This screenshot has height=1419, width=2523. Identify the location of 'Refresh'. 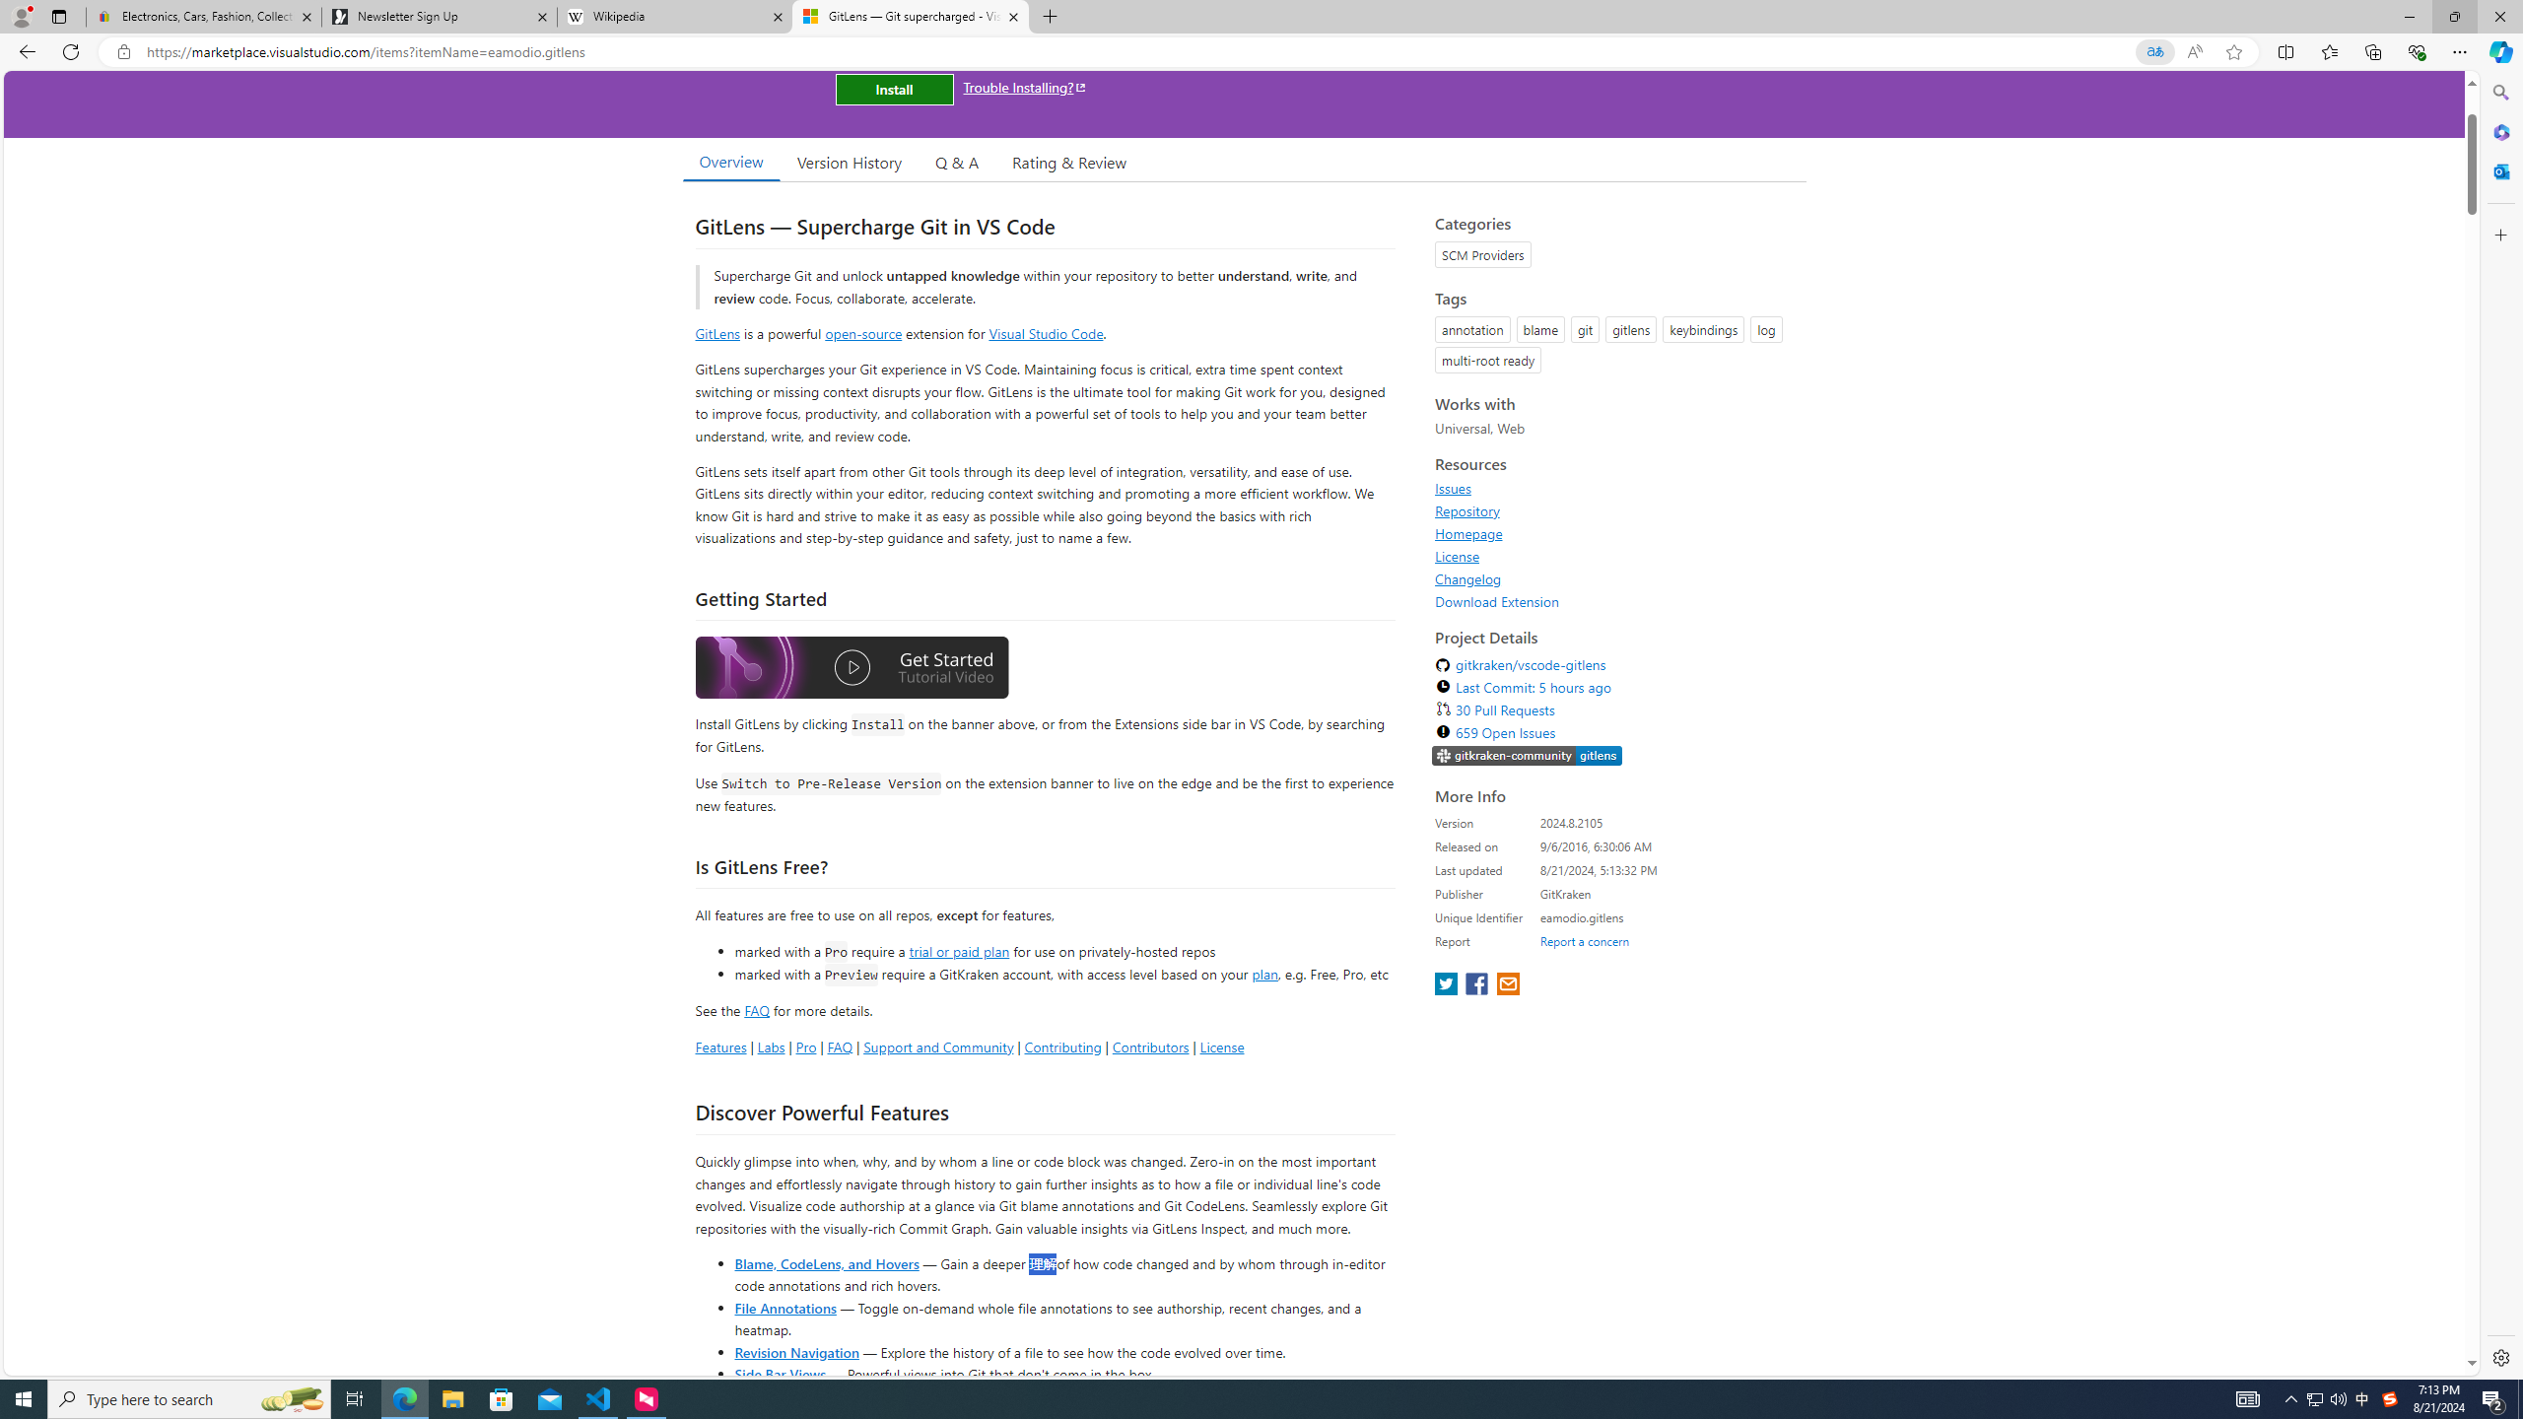
(69, 50).